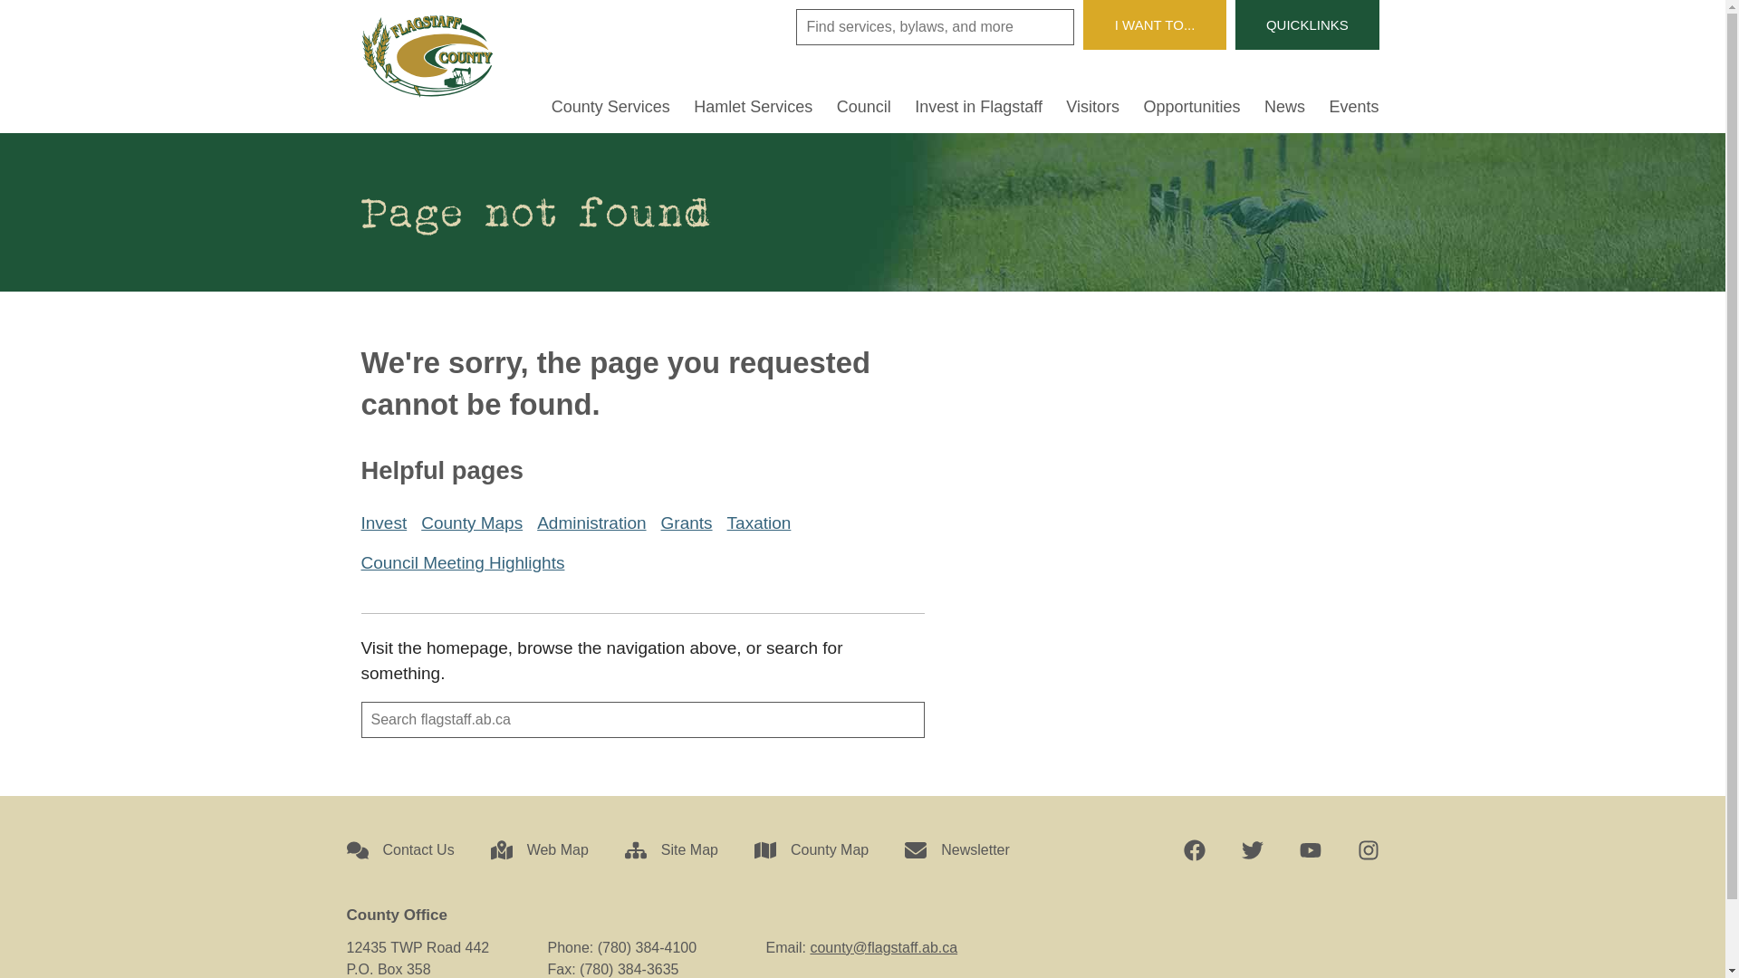  What do you see at coordinates (1251, 849) in the screenshot?
I see `'Twitter'` at bounding box center [1251, 849].